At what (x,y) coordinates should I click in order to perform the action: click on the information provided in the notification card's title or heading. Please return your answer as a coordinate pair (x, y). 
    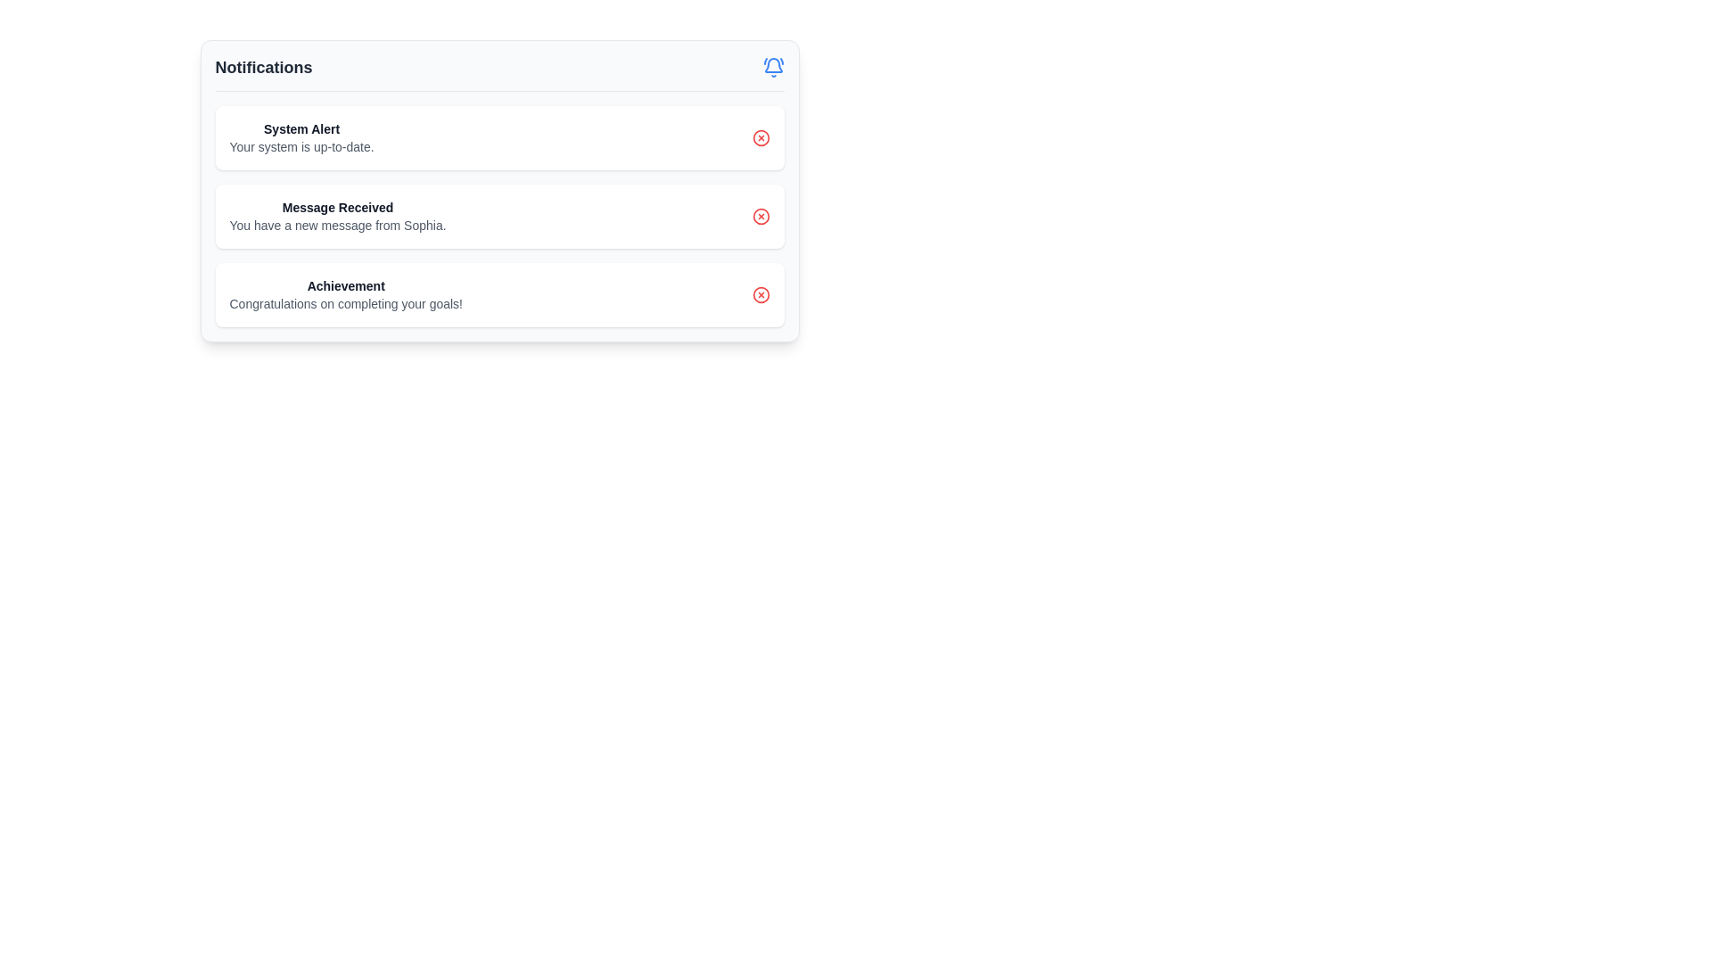
    Looking at the image, I should click on (301, 128).